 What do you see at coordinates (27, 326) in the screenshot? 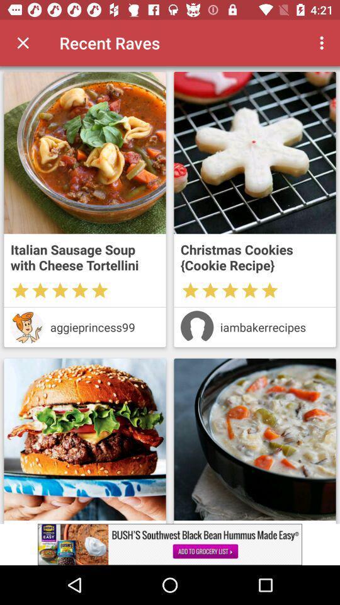
I see `profile picture` at bounding box center [27, 326].